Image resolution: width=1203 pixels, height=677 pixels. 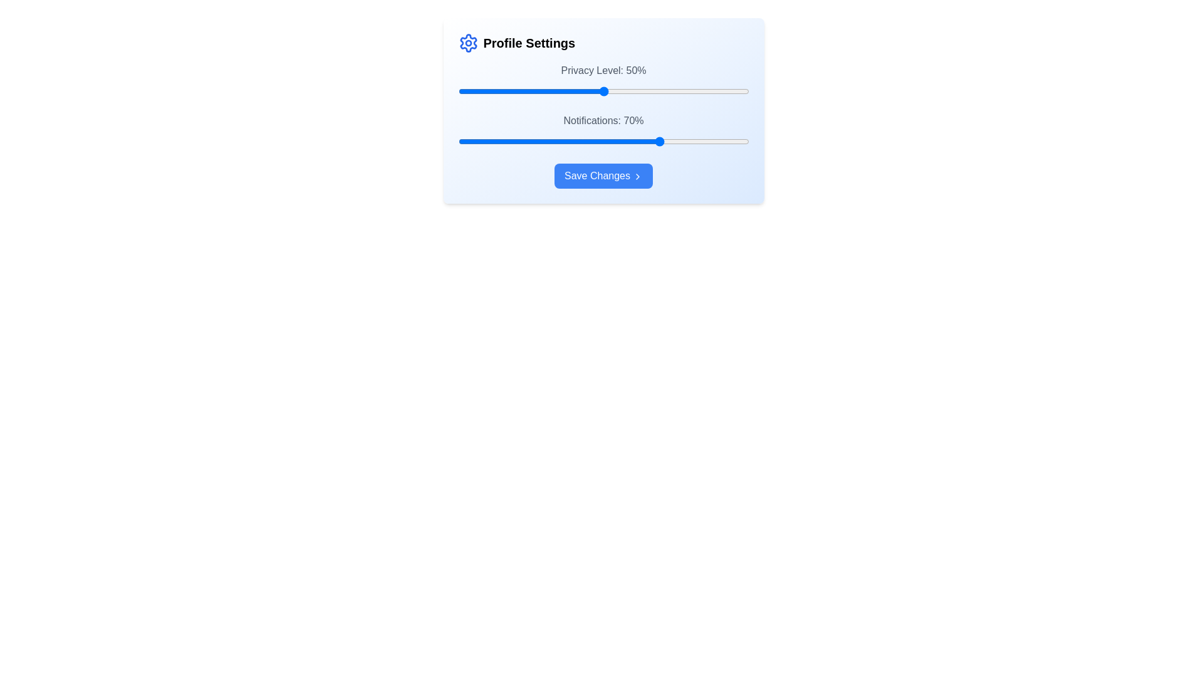 What do you see at coordinates (705, 141) in the screenshot?
I see `the 'Notifications' slider to 85% by adjusting its position` at bounding box center [705, 141].